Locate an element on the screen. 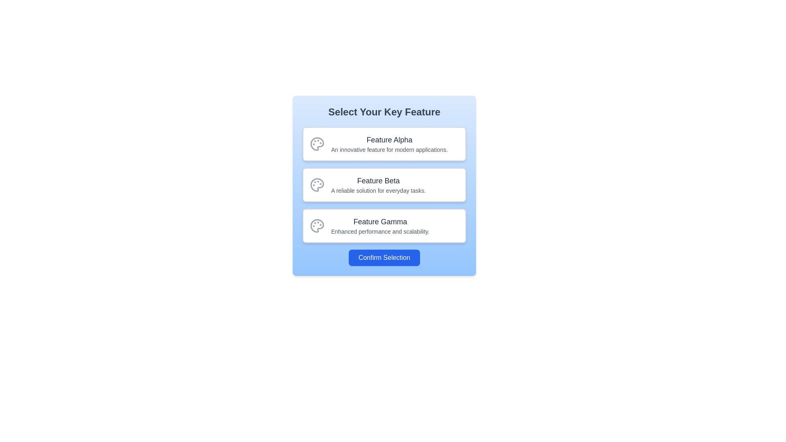 The height and width of the screenshot is (442, 786). the 'Feature Beta' informative block, which has a palette icon on the left and descriptive text to the right is located at coordinates (384, 185).